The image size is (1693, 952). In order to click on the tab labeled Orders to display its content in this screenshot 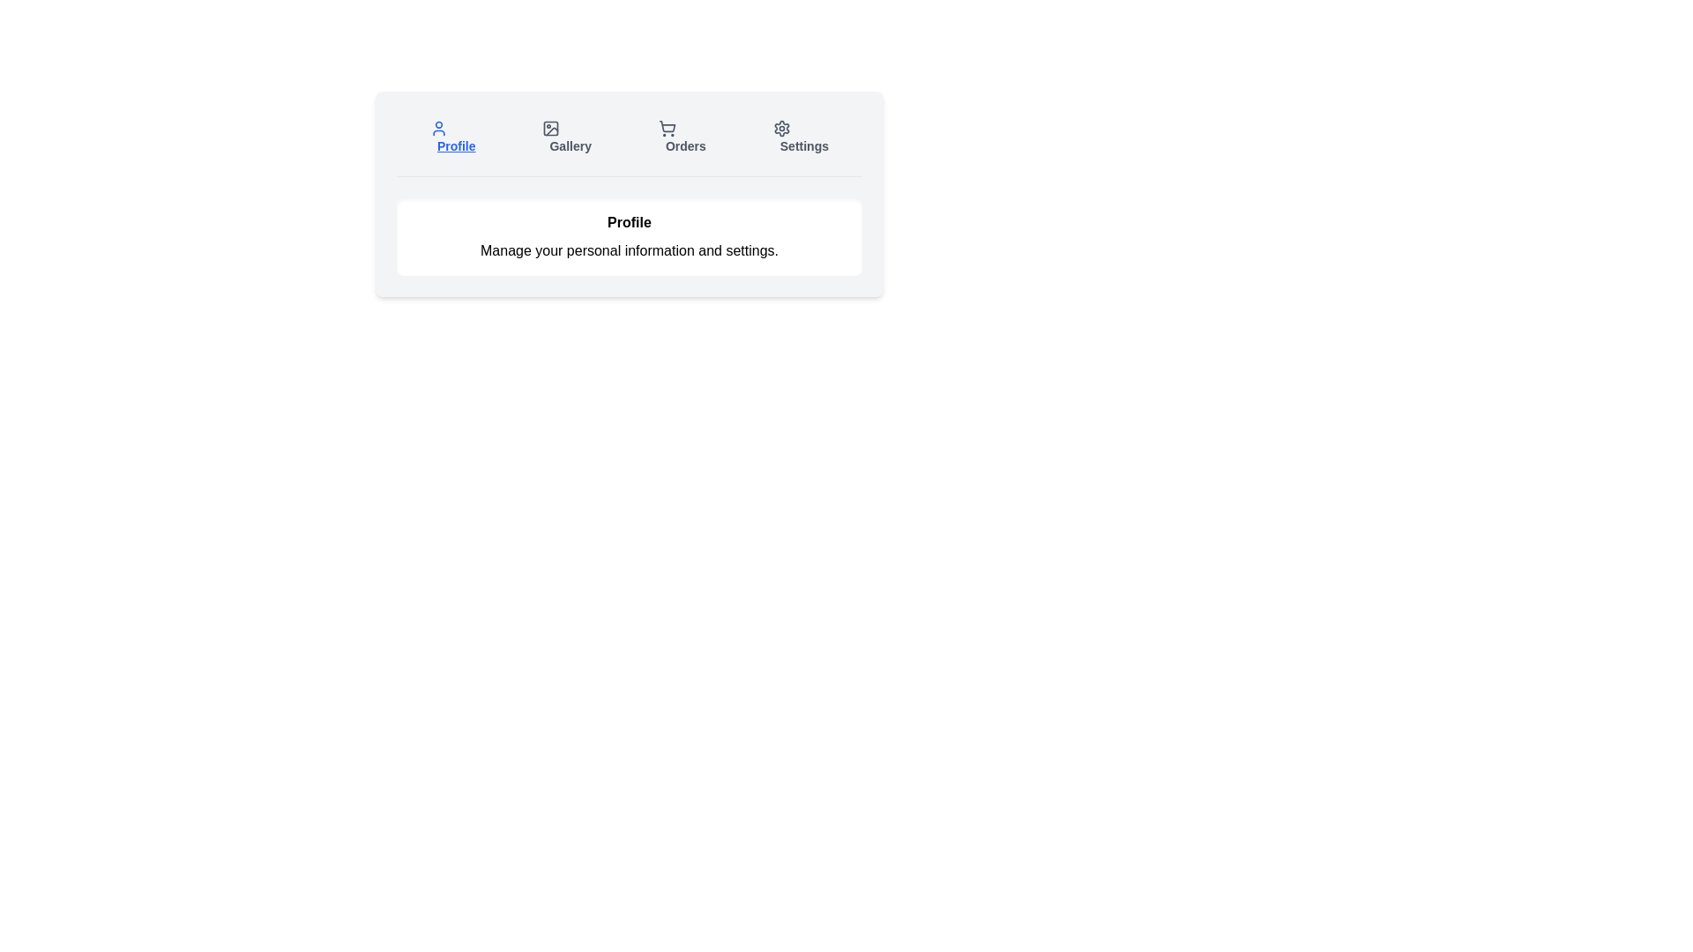, I will do `click(680, 136)`.